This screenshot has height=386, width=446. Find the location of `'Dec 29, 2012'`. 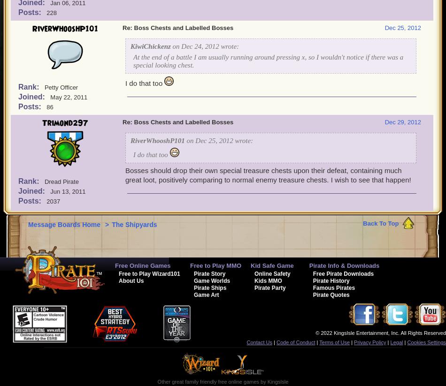

'Dec 29, 2012' is located at coordinates (402, 121).